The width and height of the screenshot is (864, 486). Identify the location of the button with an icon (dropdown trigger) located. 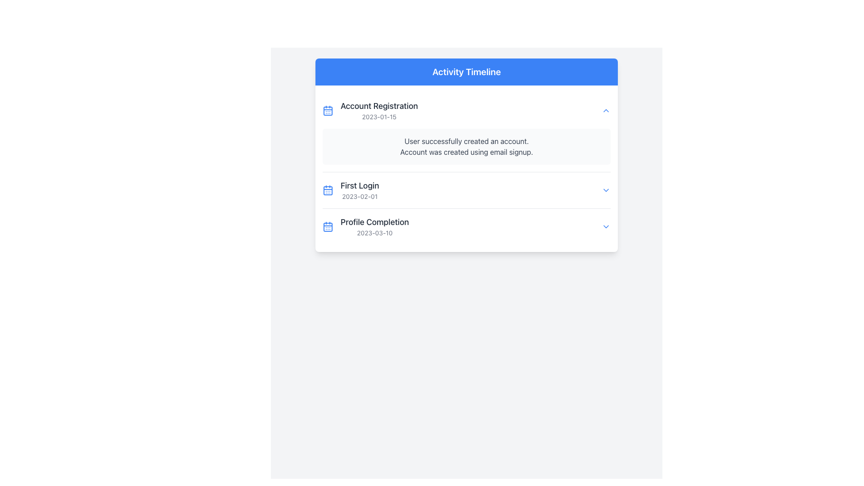
(606, 190).